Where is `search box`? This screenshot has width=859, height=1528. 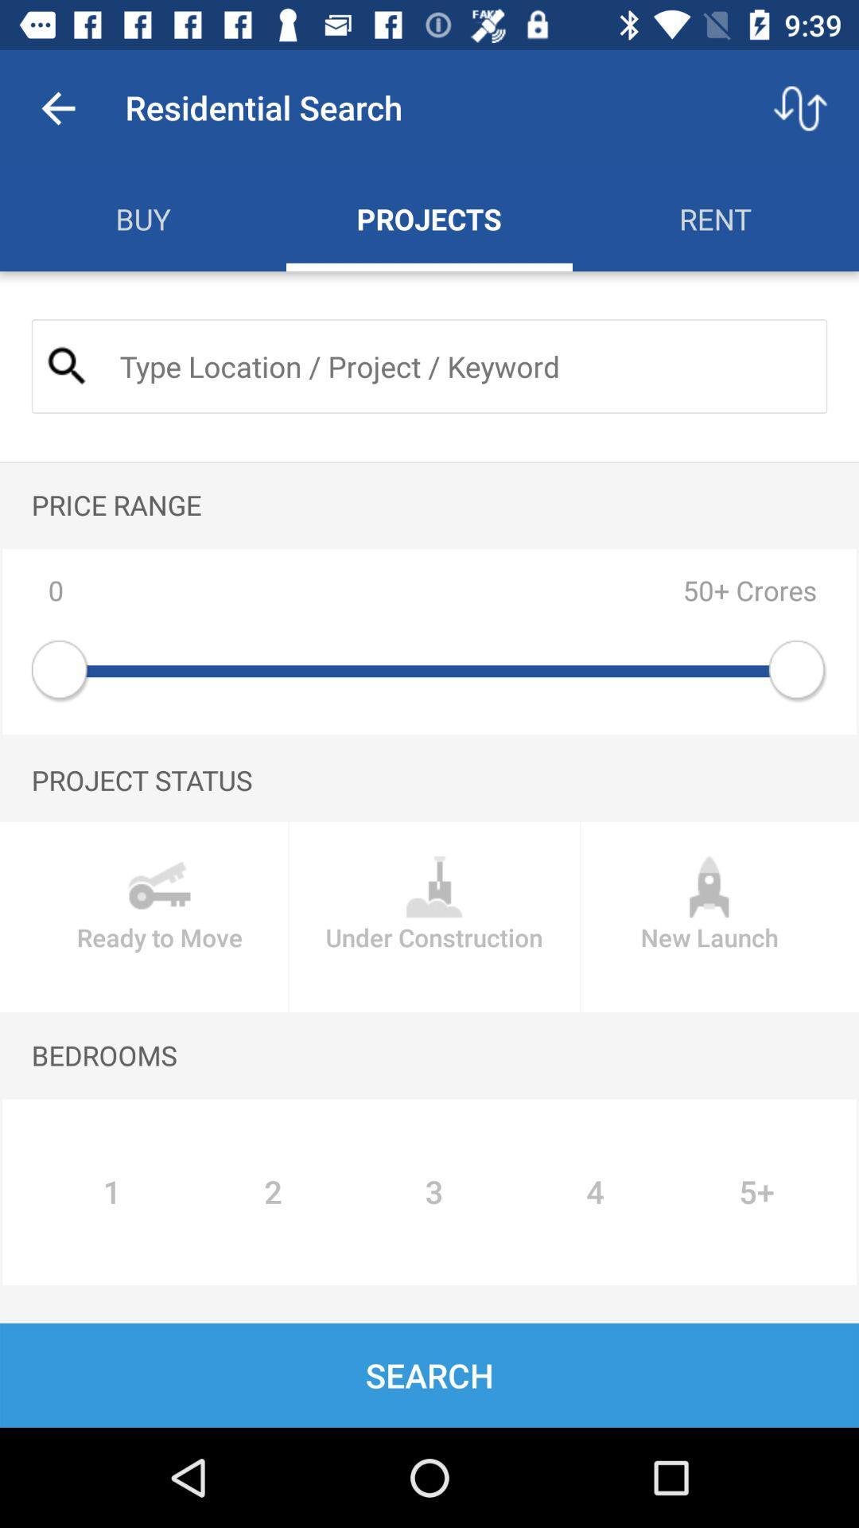
search box is located at coordinates (460, 365).